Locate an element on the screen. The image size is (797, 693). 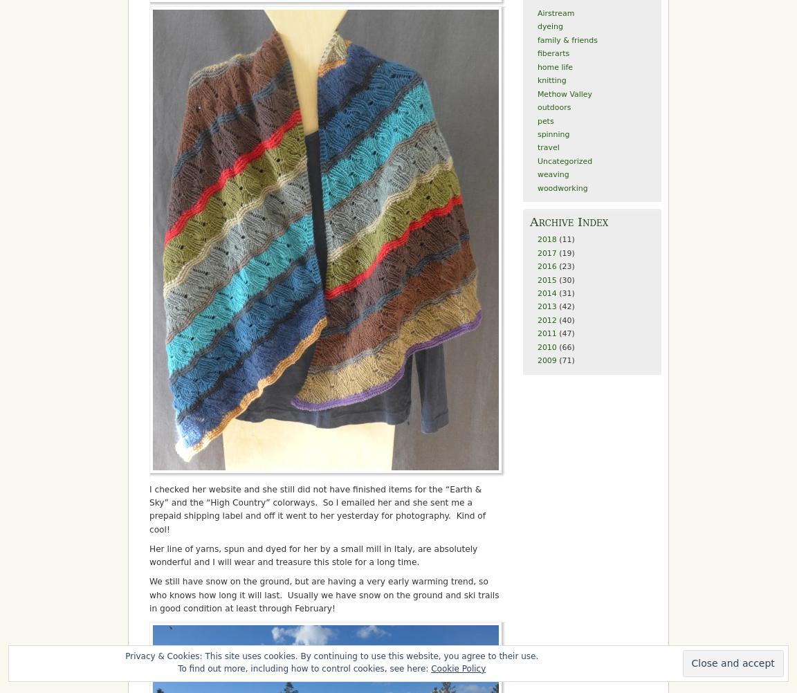
'fiberarts' is located at coordinates (553, 53).